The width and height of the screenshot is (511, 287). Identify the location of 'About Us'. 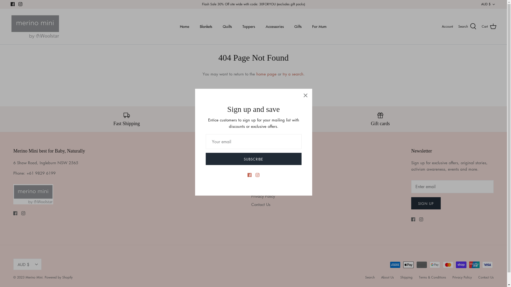
(387, 277).